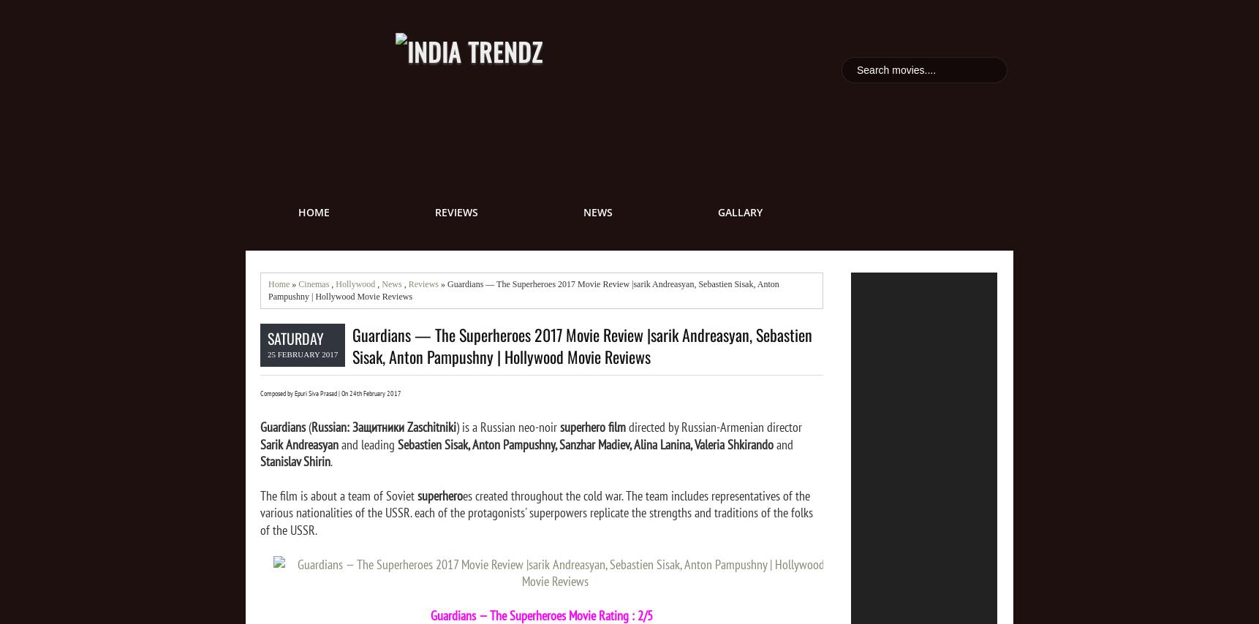  Describe the element at coordinates (295, 460) in the screenshot. I see `'Stanislav Shirin'` at that location.